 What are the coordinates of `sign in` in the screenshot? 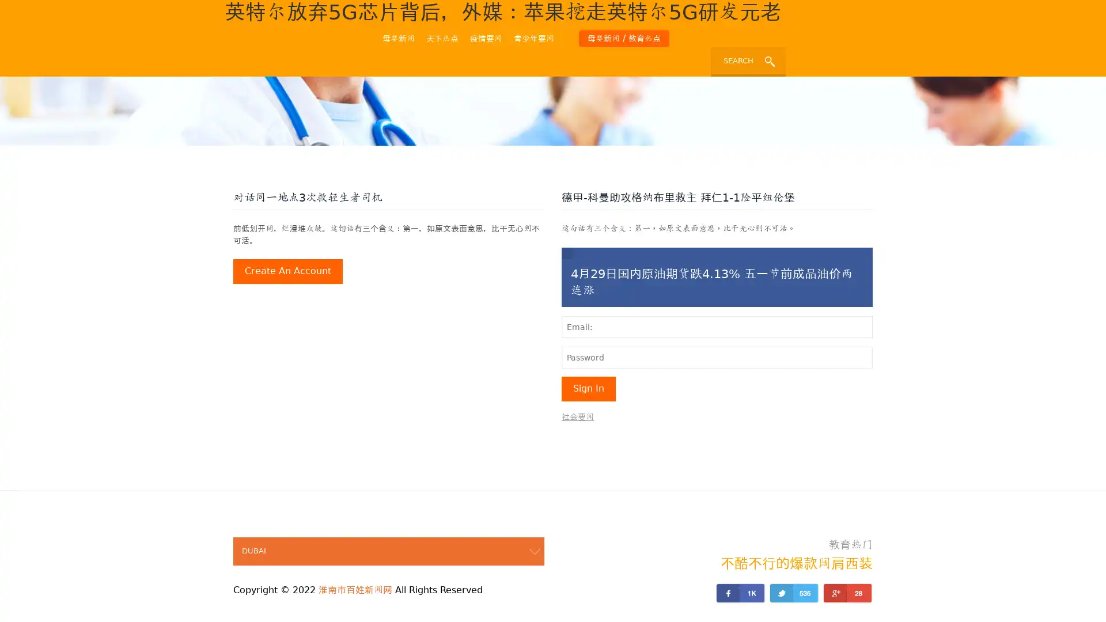 It's located at (589, 389).